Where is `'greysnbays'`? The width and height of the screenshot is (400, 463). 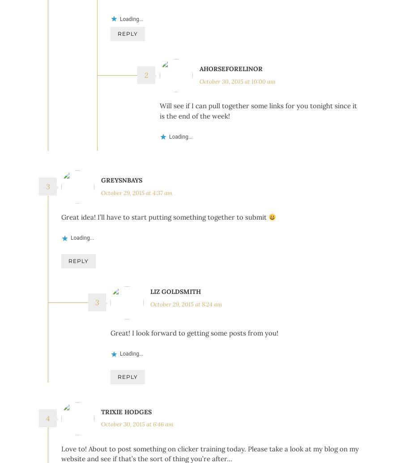
'greysnbays' is located at coordinates (121, 207).